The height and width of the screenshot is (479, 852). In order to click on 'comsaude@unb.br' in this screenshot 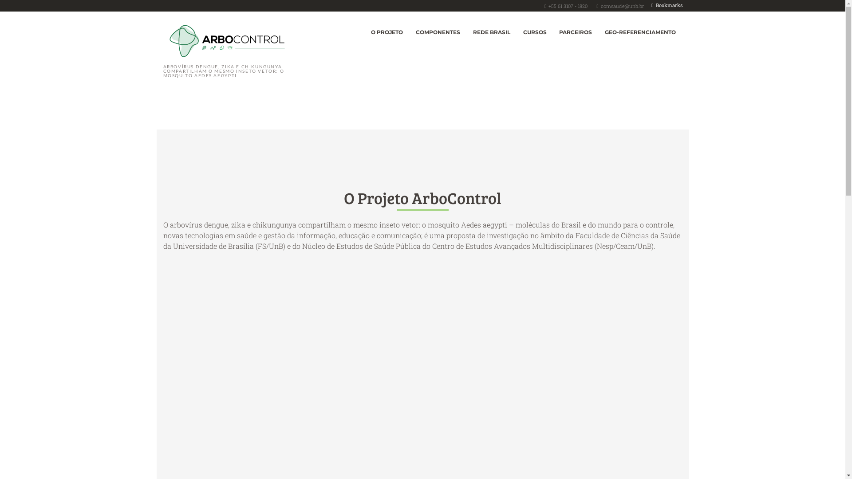, I will do `click(600, 6)`.